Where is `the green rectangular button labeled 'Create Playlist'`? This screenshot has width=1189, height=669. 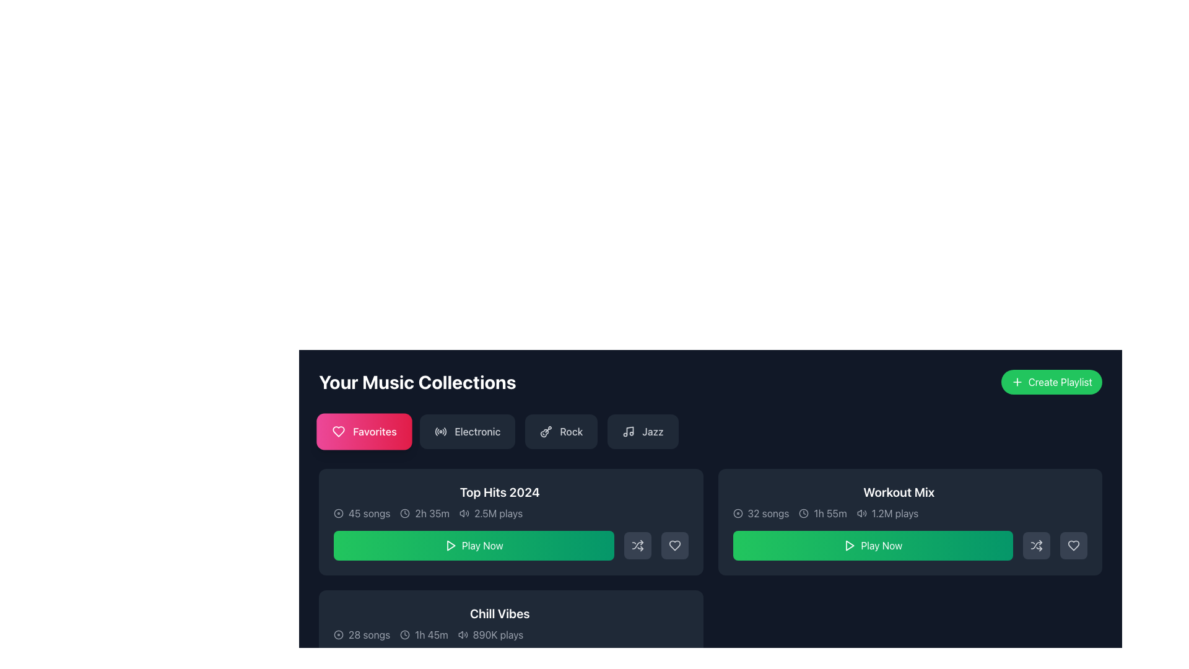 the green rectangular button labeled 'Create Playlist' is located at coordinates (1051, 382).